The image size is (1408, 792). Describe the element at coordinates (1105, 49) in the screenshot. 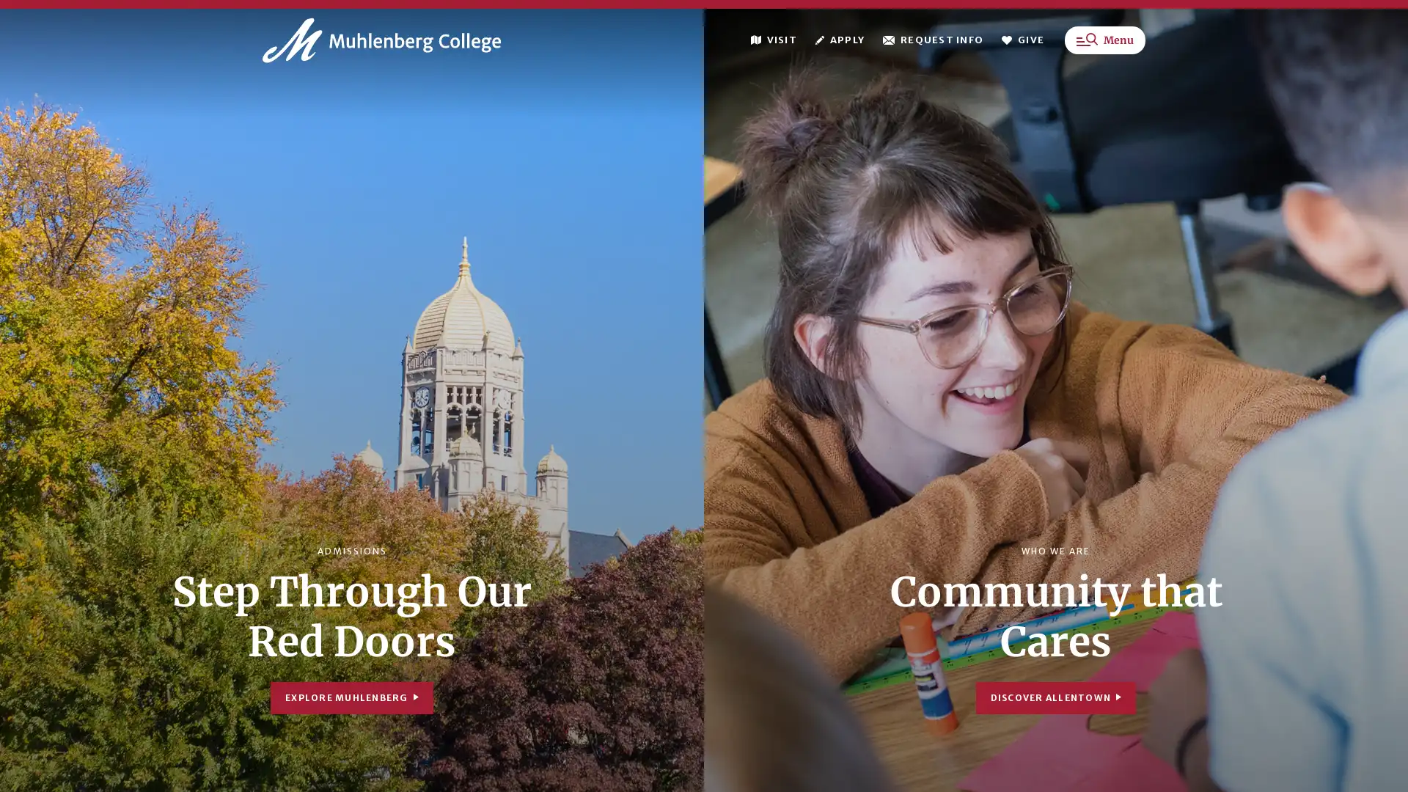

I see `Menu` at that location.